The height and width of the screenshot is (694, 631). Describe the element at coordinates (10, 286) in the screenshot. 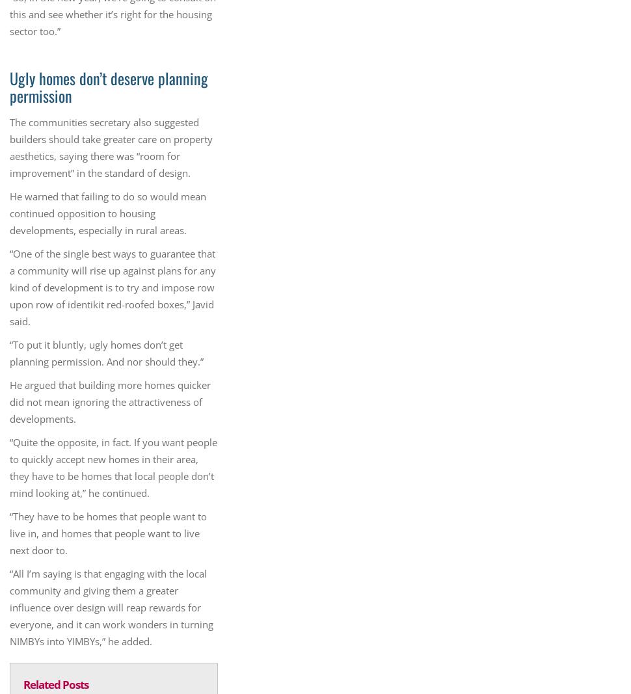

I see `'“One of the single best ways to guarantee that a community will rise up against plans for any kind of development is to try and impose row upon row of identikit red-roofed boxes,” Javid said.'` at that location.